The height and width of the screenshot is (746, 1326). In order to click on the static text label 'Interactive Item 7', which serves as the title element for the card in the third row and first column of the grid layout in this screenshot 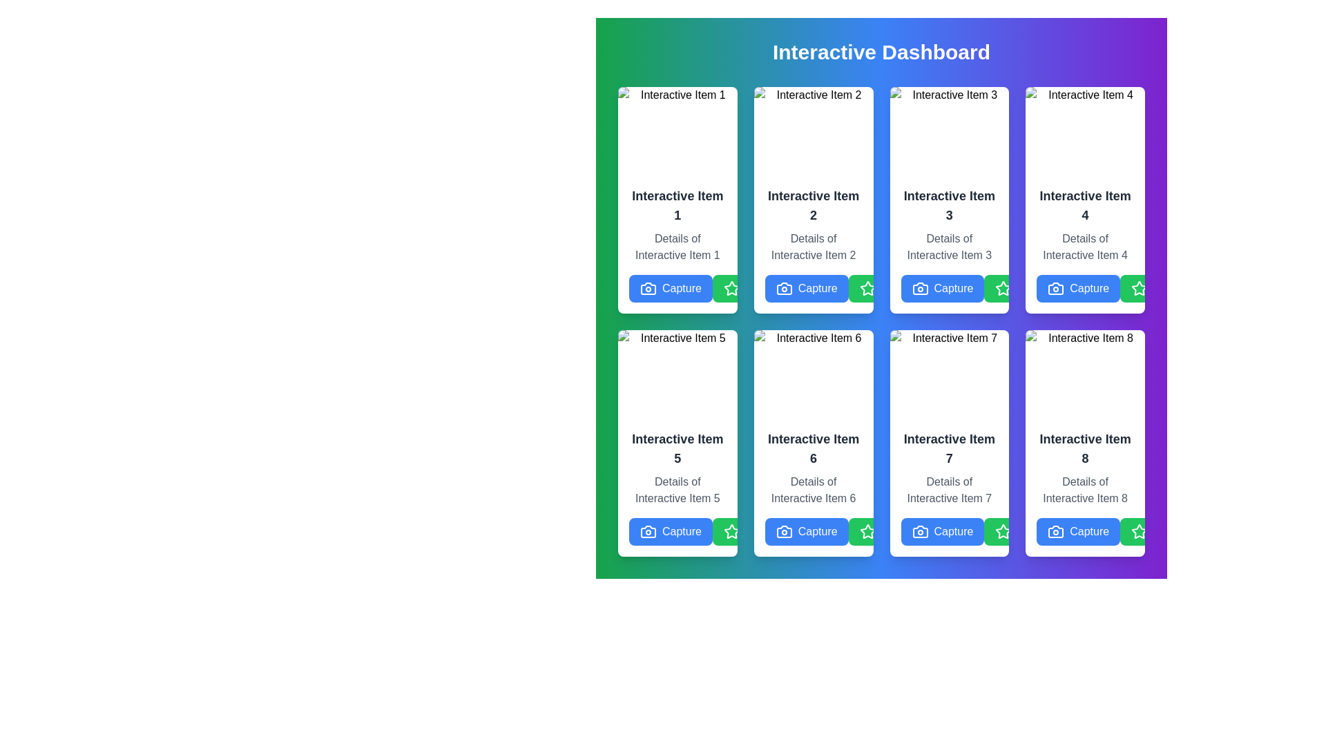, I will do `click(948, 449)`.